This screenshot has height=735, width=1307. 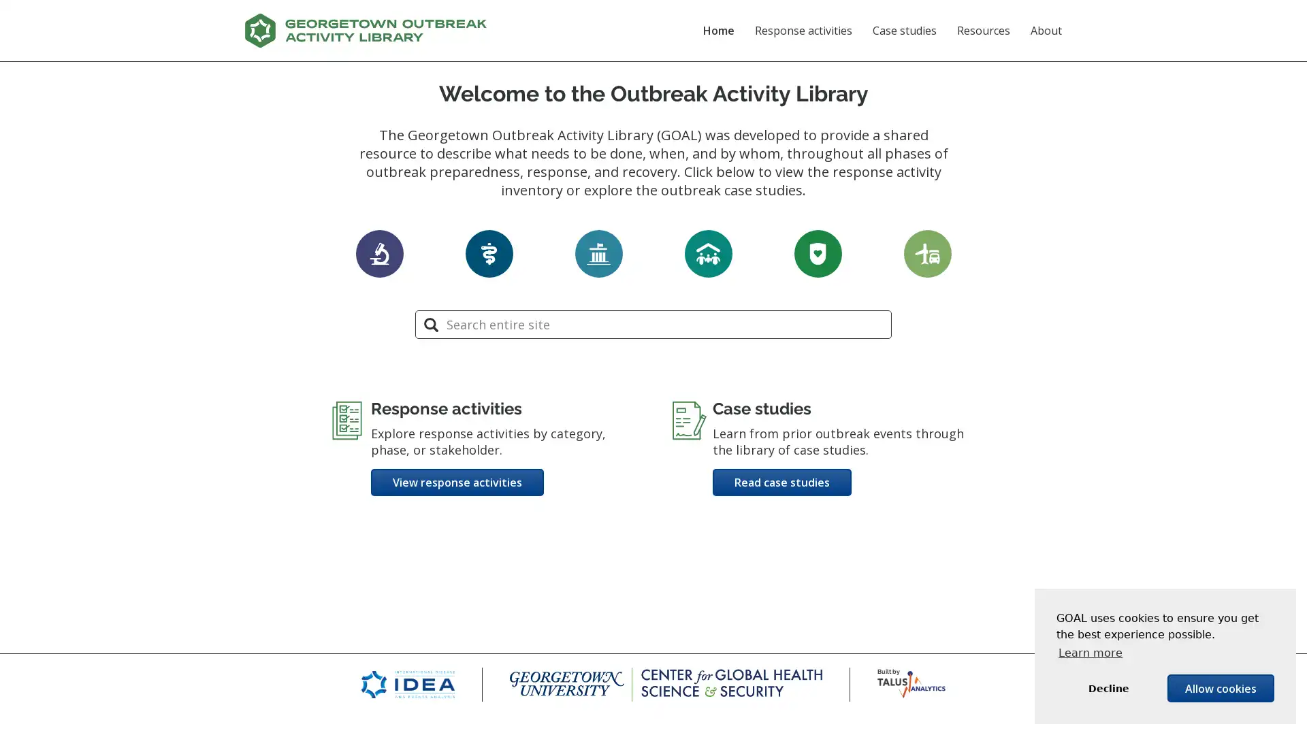 What do you see at coordinates (457, 482) in the screenshot?
I see `View response activities` at bounding box center [457, 482].